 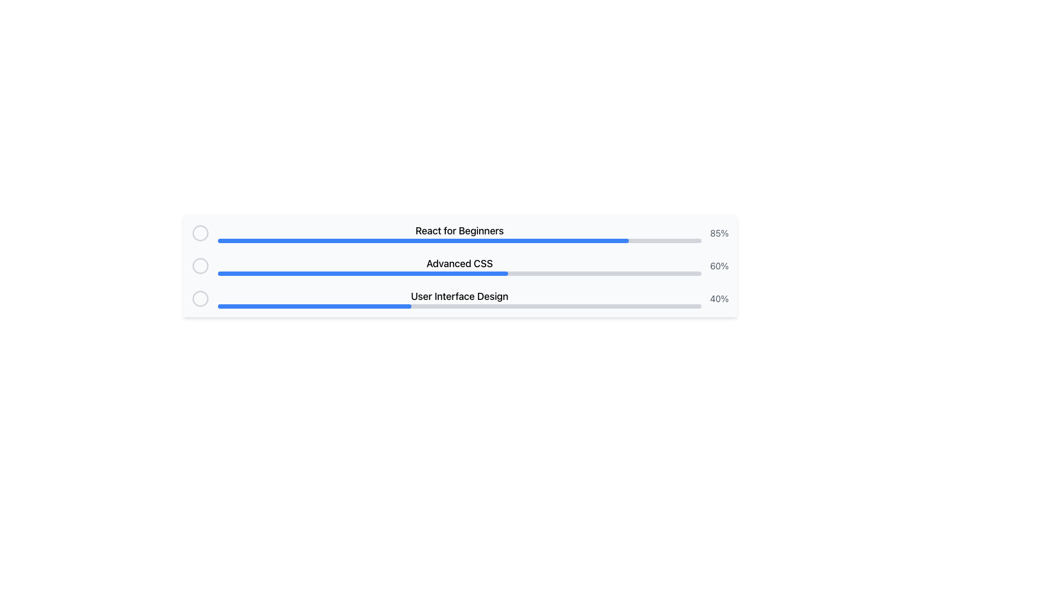 I want to click on the leftmost radio button circle in the 'User Interface Design' row, which is visually distinct with a thin gray outline and circular shape, so click(x=200, y=299).